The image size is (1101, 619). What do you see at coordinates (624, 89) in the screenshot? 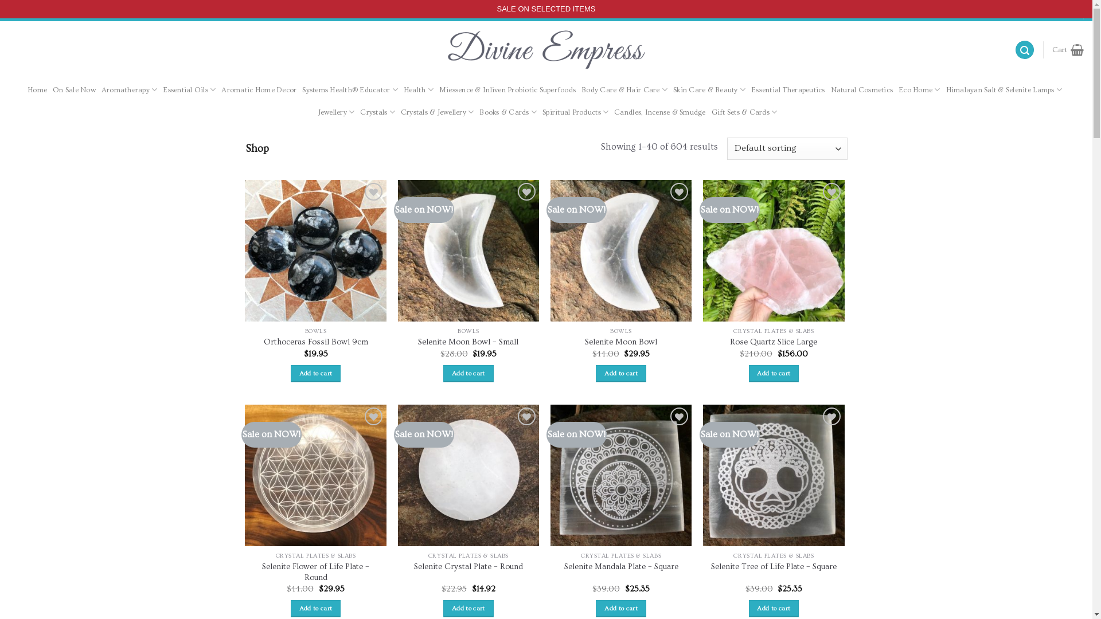
I see `'Body Care & Hair Care'` at bounding box center [624, 89].